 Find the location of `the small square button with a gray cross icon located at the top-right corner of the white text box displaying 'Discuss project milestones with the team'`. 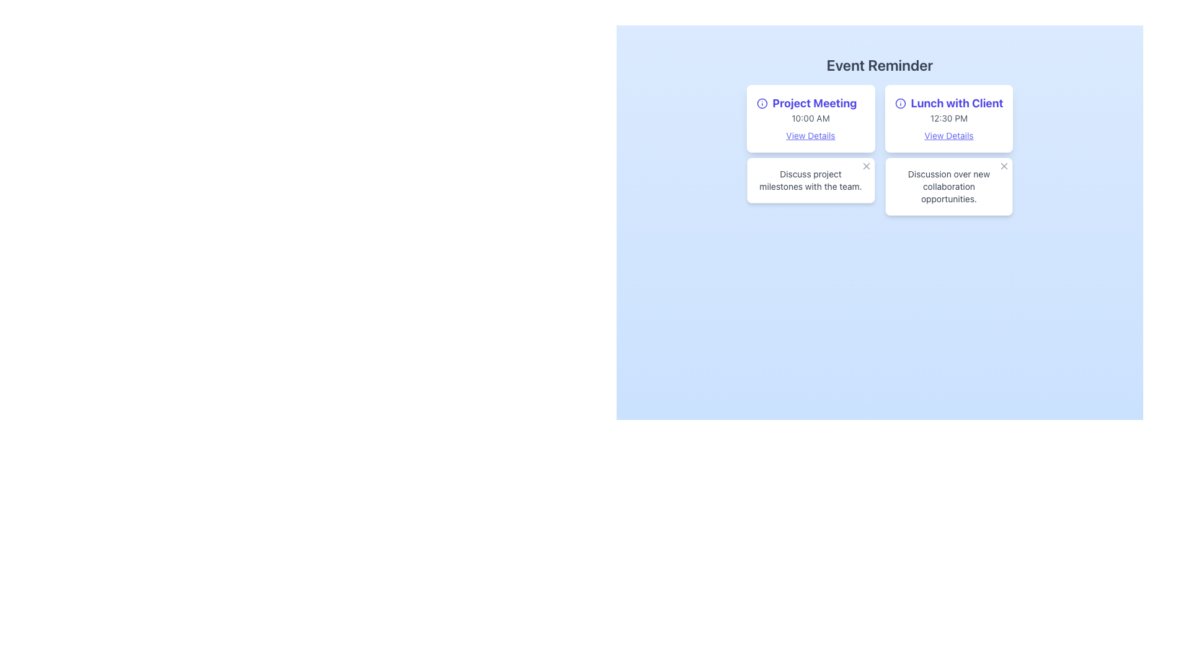

the small square button with a gray cross icon located at the top-right corner of the white text box displaying 'Discuss project milestones with the team' is located at coordinates (865, 165).